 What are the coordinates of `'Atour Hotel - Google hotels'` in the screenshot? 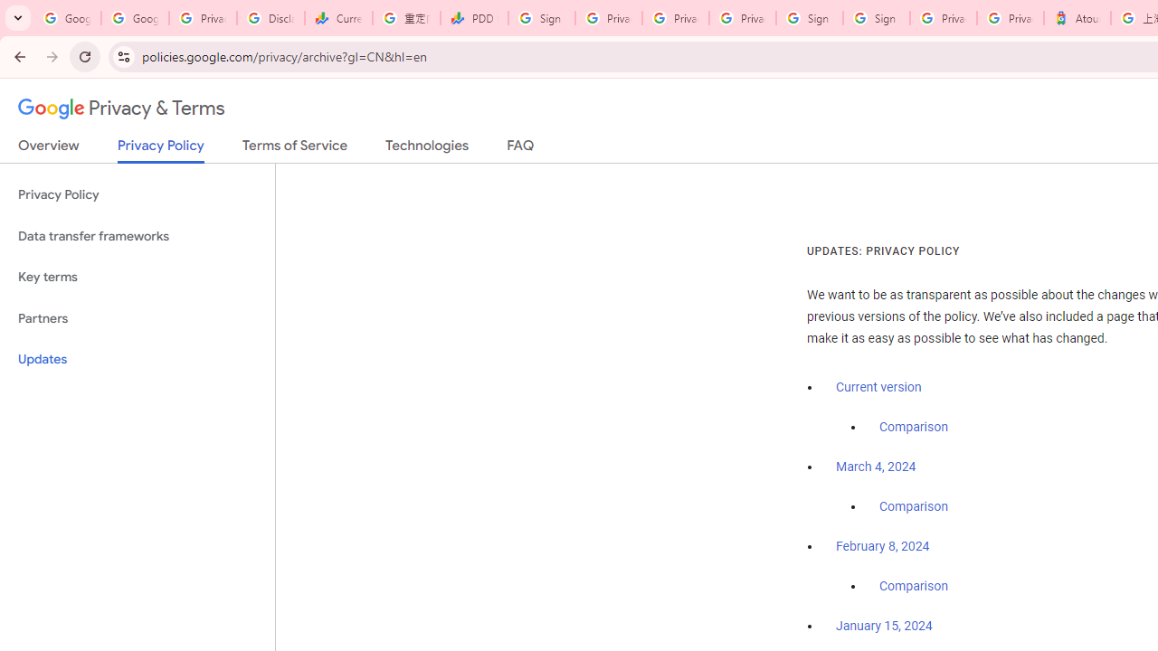 It's located at (1077, 18).